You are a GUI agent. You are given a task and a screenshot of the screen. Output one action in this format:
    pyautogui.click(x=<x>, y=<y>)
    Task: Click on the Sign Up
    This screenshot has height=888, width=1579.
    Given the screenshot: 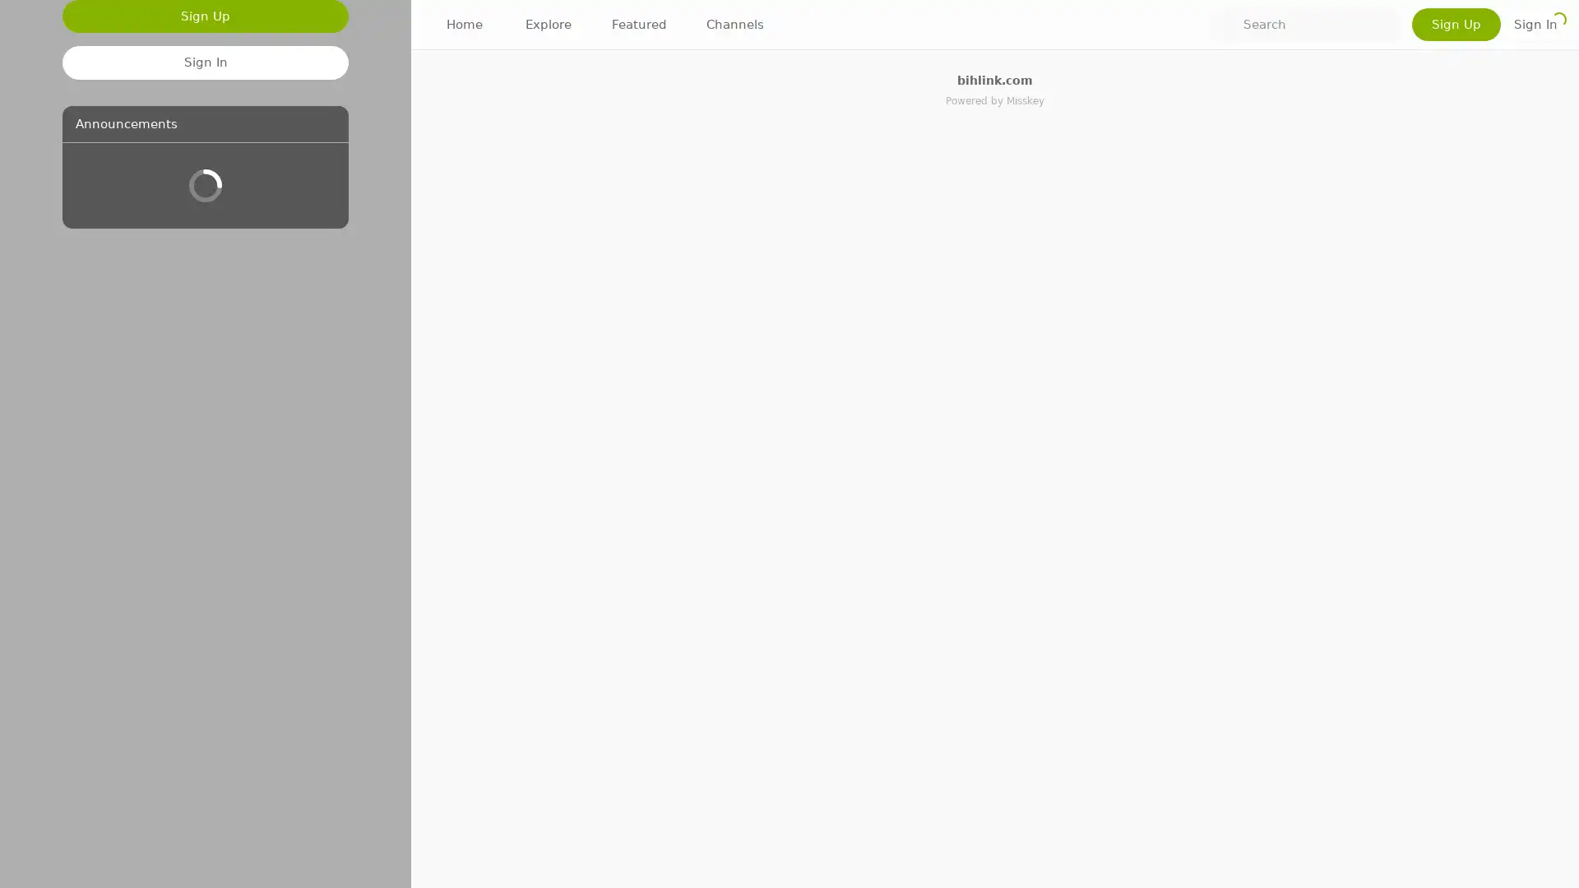 What is the action you would take?
    pyautogui.click(x=1456, y=25)
    